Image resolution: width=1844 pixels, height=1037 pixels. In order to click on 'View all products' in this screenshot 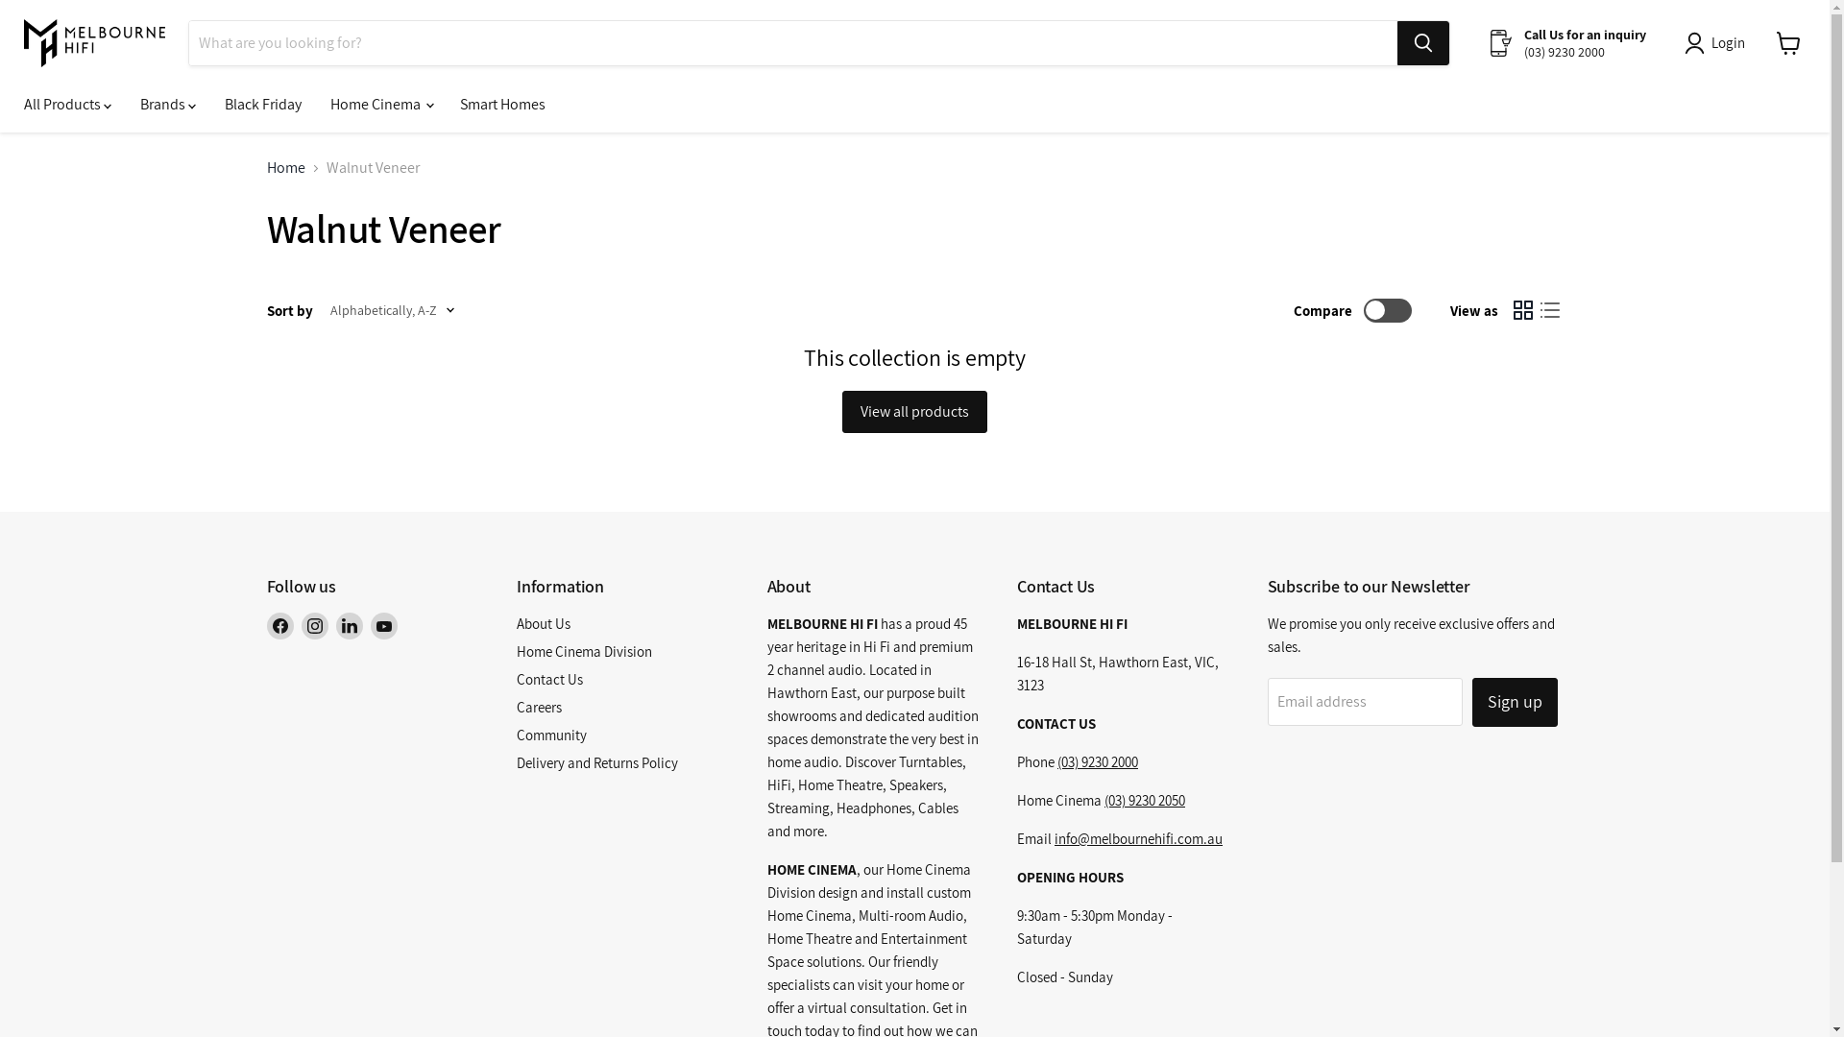, I will do `click(913, 410)`.